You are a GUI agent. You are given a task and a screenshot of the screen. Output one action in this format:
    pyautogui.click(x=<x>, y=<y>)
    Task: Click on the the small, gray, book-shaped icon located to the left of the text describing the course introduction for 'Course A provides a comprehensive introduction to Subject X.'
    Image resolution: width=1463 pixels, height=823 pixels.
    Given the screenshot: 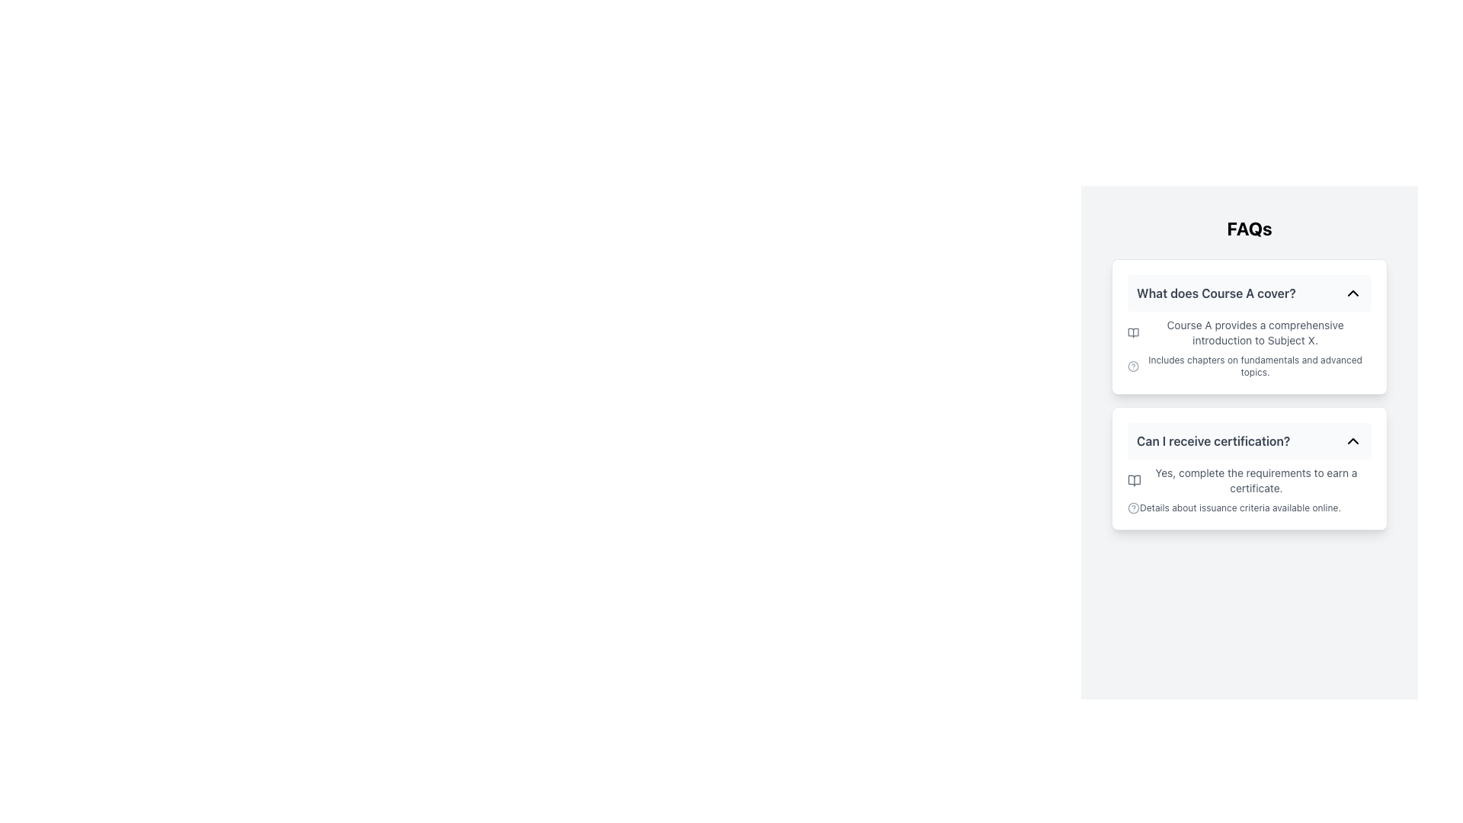 What is the action you would take?
    pyautogui.click(x=1133, y=331)
    